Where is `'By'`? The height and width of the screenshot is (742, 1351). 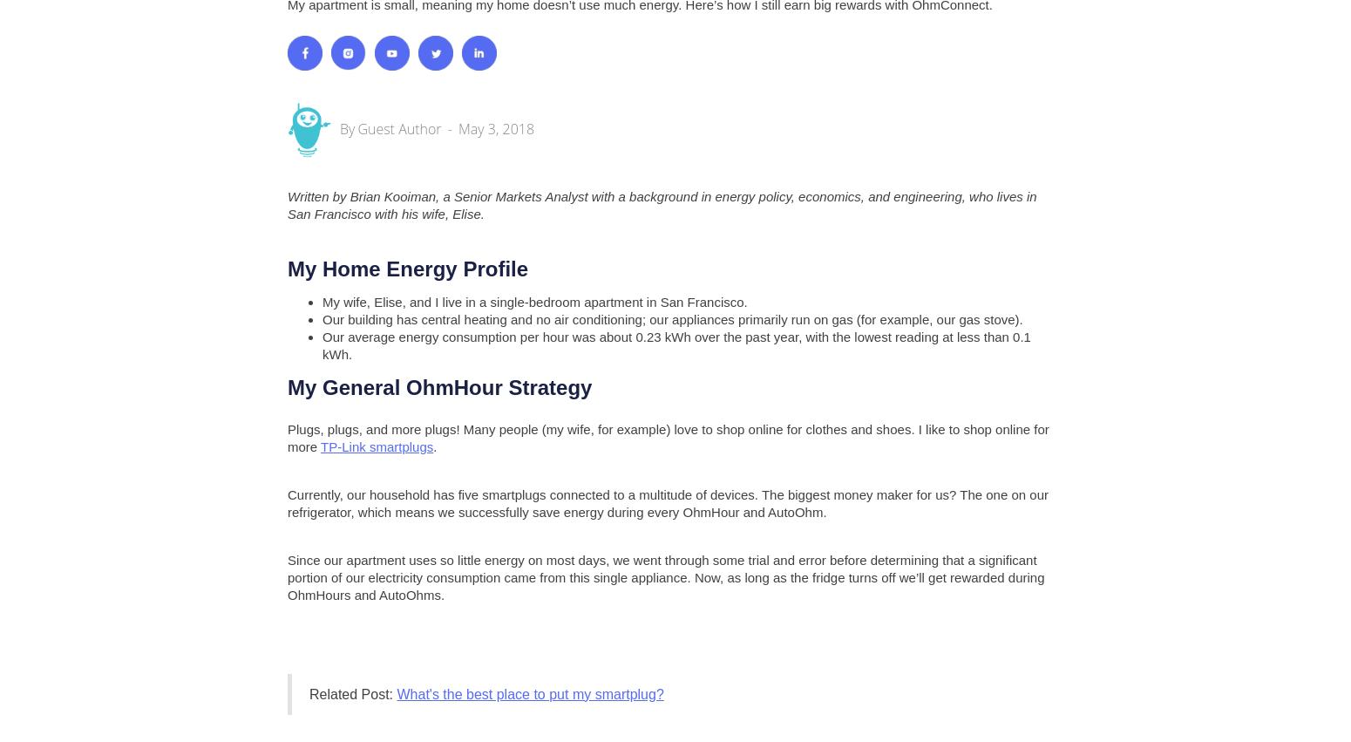
'By' is located at coordinates (347, 127).